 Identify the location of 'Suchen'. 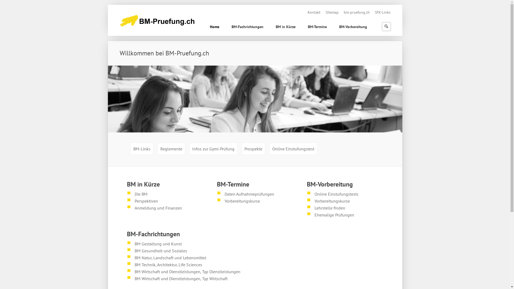
(386, 26).